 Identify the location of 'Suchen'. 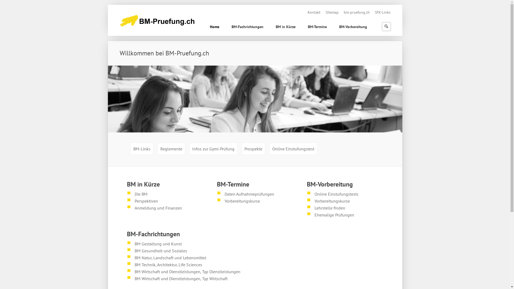
(386, 26).